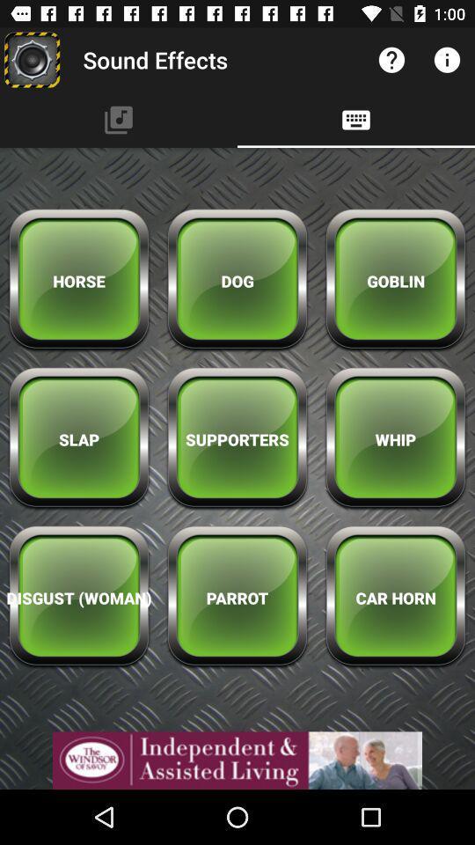 This screenshot has width=475, height=845. What do you see at coordinates (391, 60) in the screenshot?
I see `button left to information button` at bounding box center [391, 60].